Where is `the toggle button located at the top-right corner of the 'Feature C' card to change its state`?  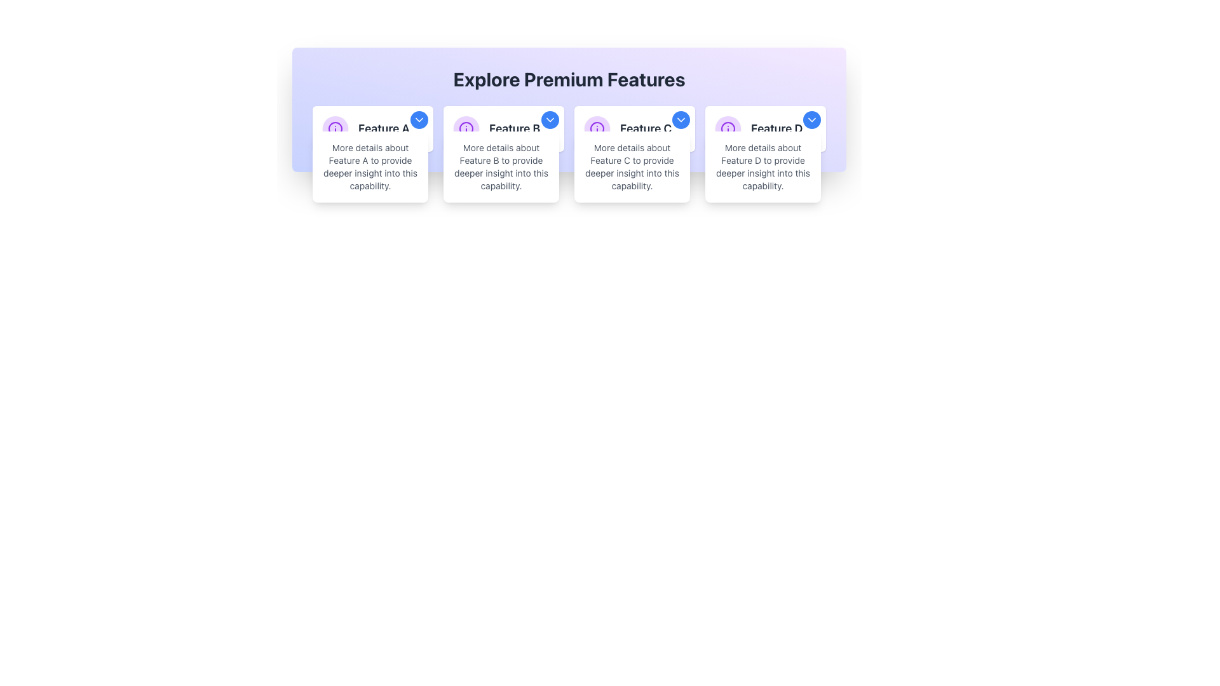
the toggle button located at the top-right corner of the 'Feature C' card to change its state is located at coordinates (680, 120).